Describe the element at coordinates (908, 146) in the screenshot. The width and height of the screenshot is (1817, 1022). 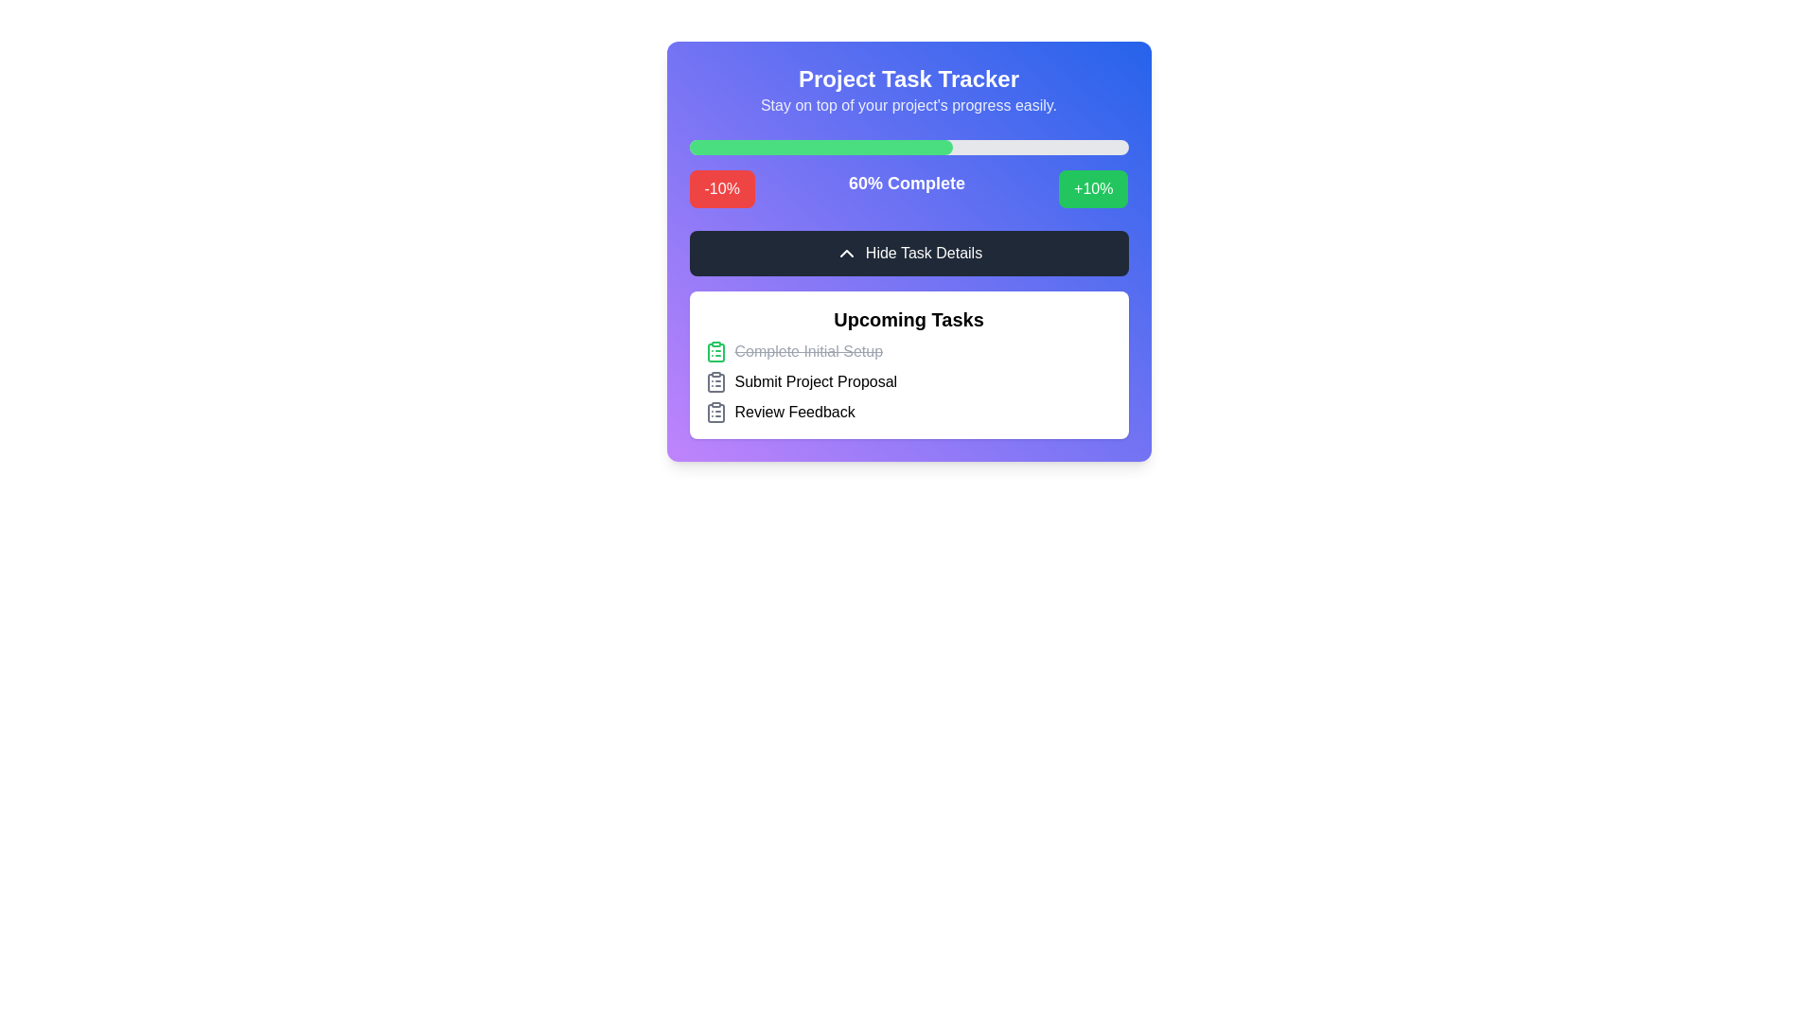
I see `the Progress Bar located below the 'Stay on top of your project's progress easily.' subtitle and above the '-10% 60% Complete +10%' interactive controls` at that location.